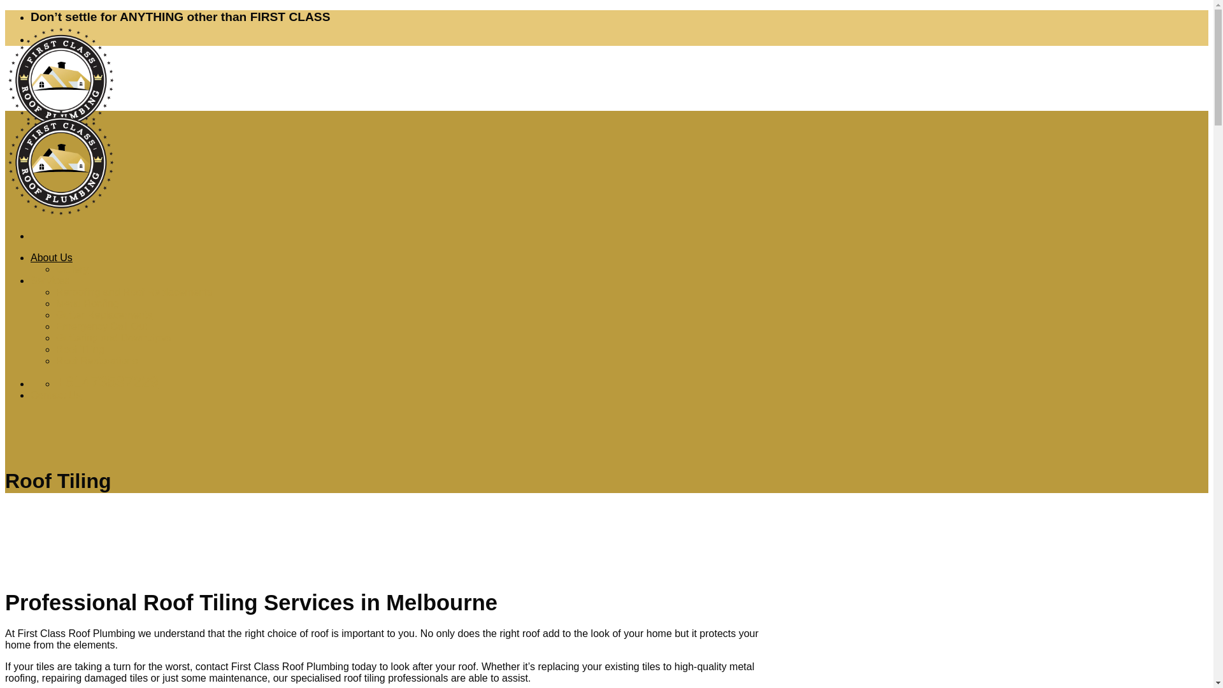 This screenshot has width=1223, height=688. Describe the element at coordinates (4, 10) in the screenshot. I see `'Skip to content'` at that location.